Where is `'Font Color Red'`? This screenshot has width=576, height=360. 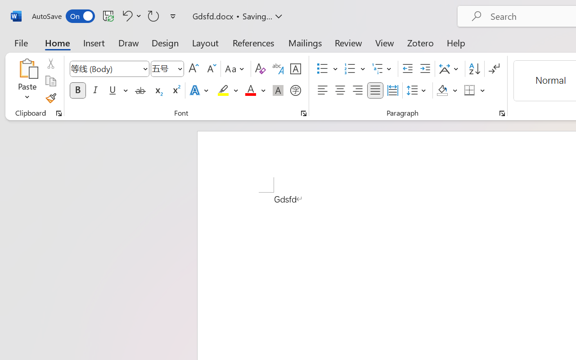
'Font Color Red' is located at coordinates (250, 90).